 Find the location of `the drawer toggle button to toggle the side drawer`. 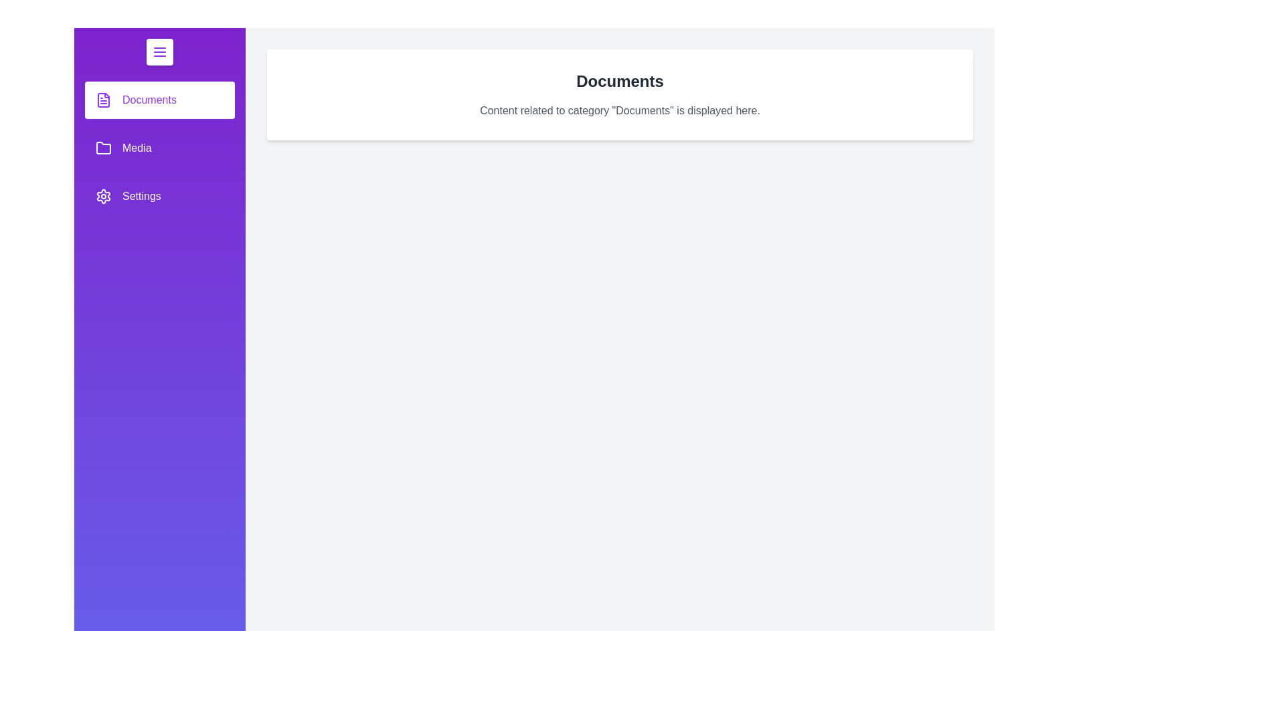

the drawer toggle button to toggle the side drawer is located at coordinates (160, 51).